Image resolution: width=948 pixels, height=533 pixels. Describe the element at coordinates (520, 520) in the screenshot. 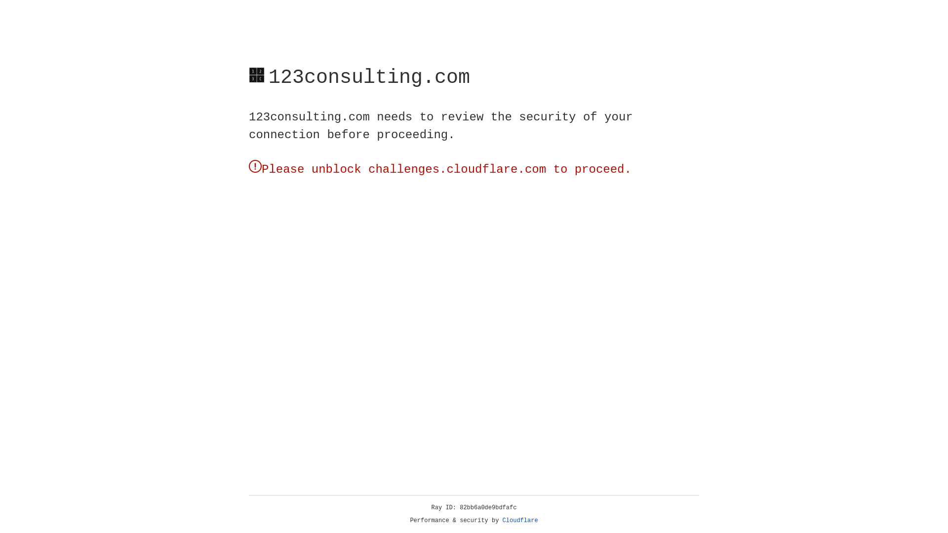

I see `'Cloudflare'` at that location.